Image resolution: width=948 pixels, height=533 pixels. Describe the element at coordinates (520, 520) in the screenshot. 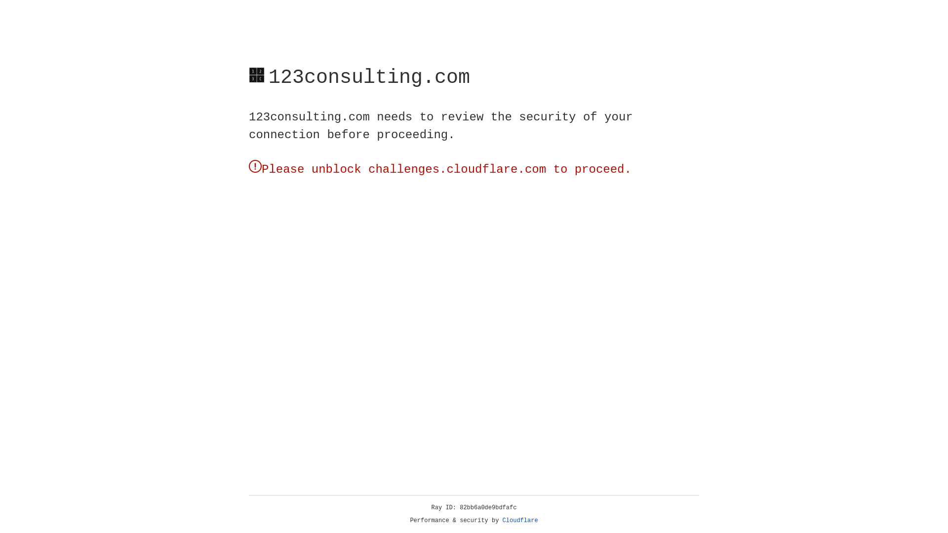

I see `'Cloudflare'` at that location.